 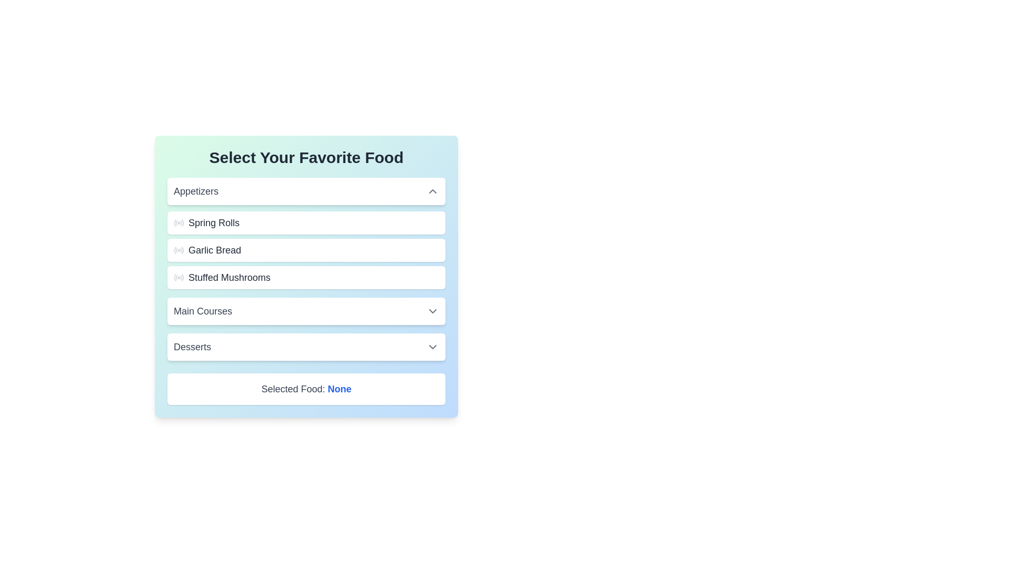 What do you see at coordinates (179, 277) in the screenshot?
I see `the circular radio button icon at the beginning of the third row in the food selection panel` at bounding box center [179, 277].